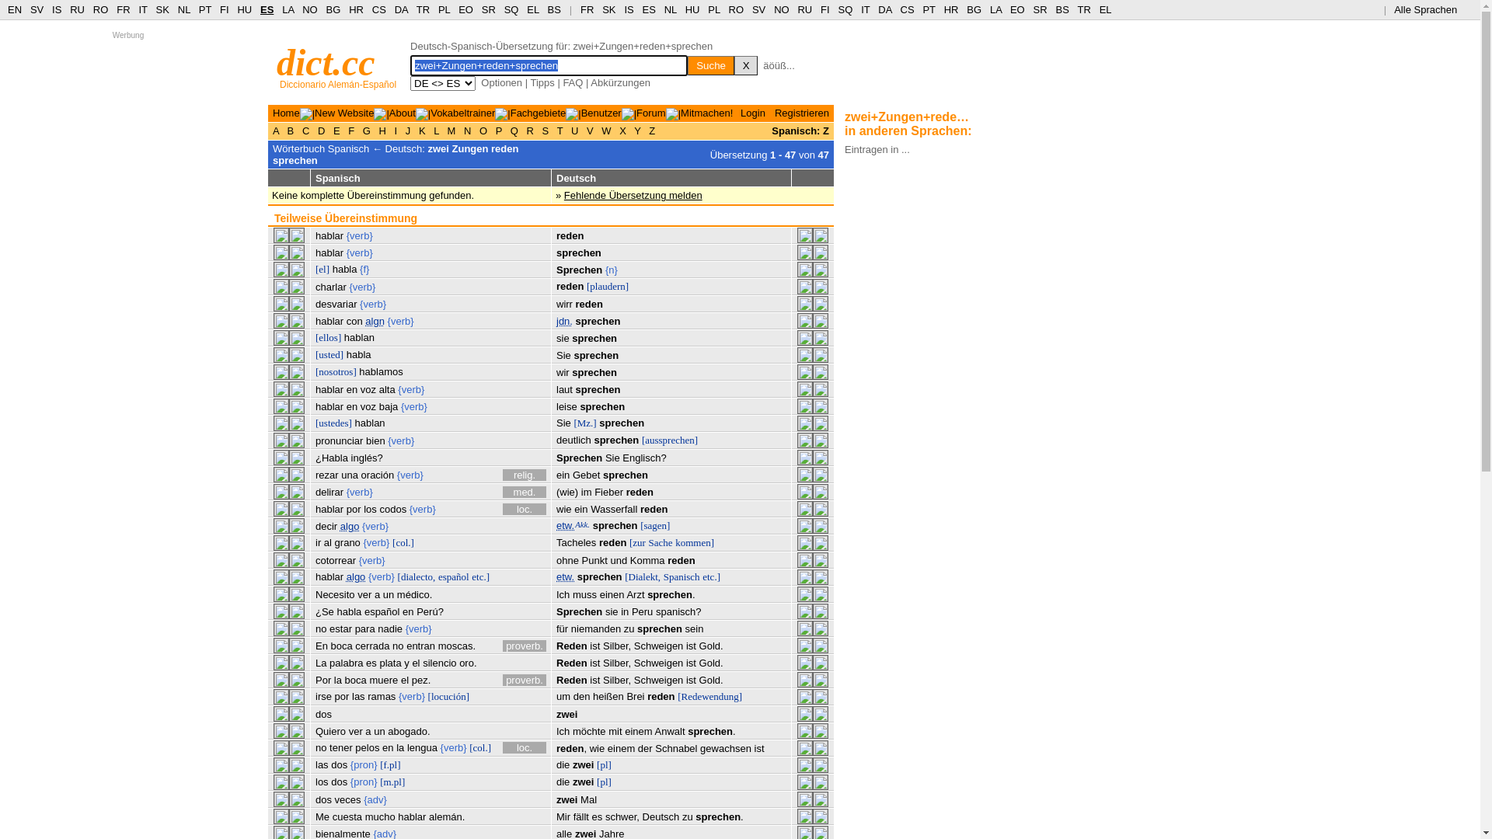  Describe the element at coordinates (594, 560) in the screenshot. I see `'Punkt'` at that location.